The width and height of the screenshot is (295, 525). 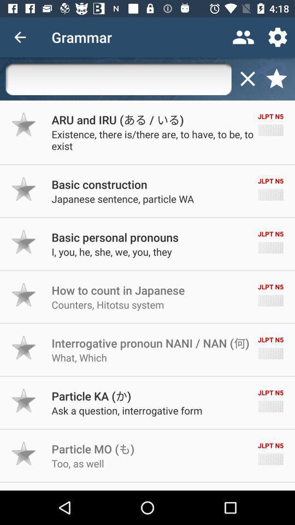 I want to click on the icon to the left of the jlpt n5, so click(x=91, y=395).